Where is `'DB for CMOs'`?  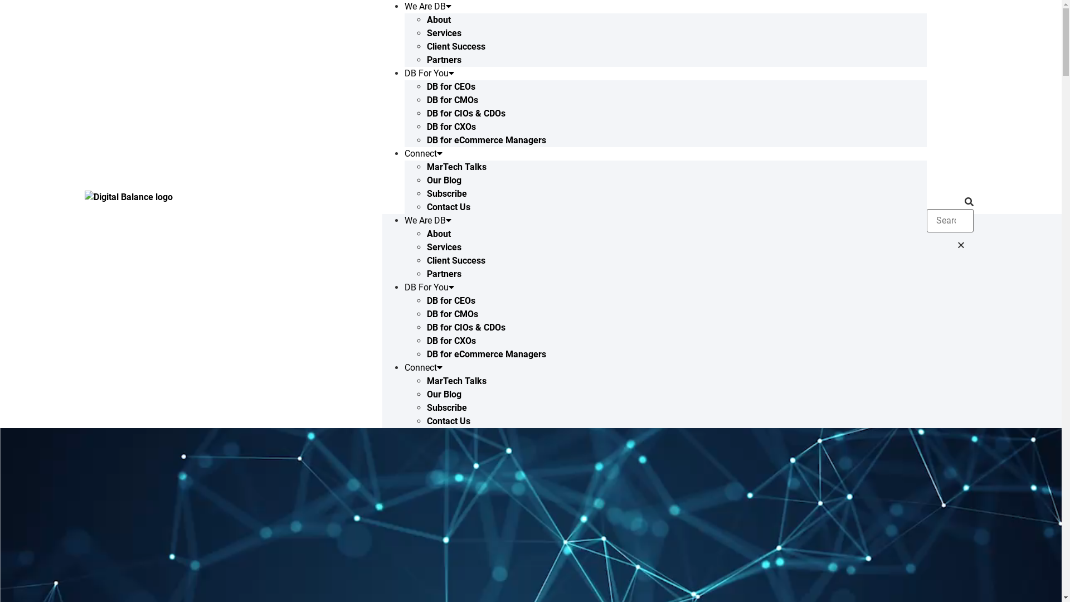
'DB for CMOs' is located at coordinates (452, 99).